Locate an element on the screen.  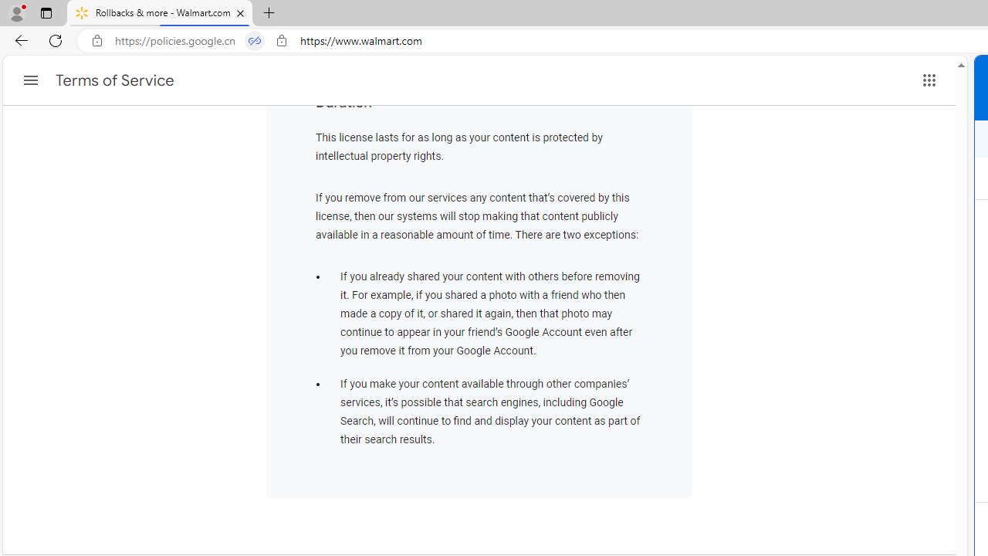
'Back' is located at coordinates (19, 39).